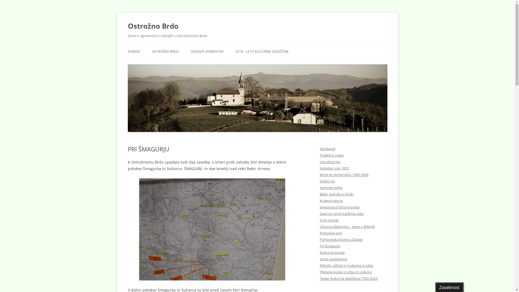 This screenshot has height=292, width=519. I want to click on 'Kulturne terase', so click(332, 252).